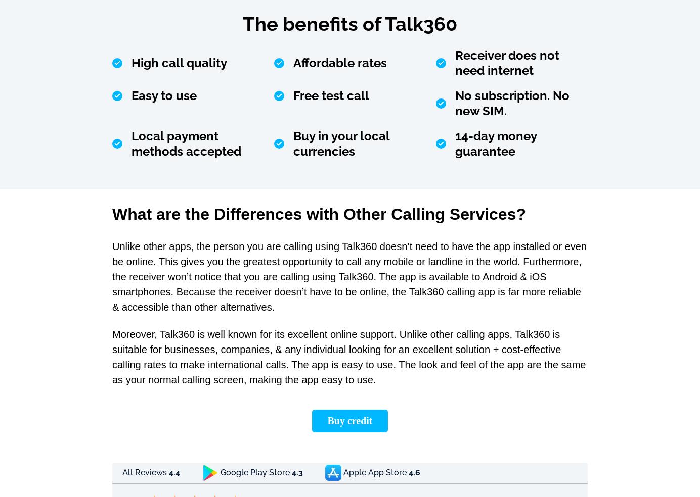 Image resolution: width=700 pixels, height=497 pixels. I want to click on 'Easy to use', so click(164, 95).